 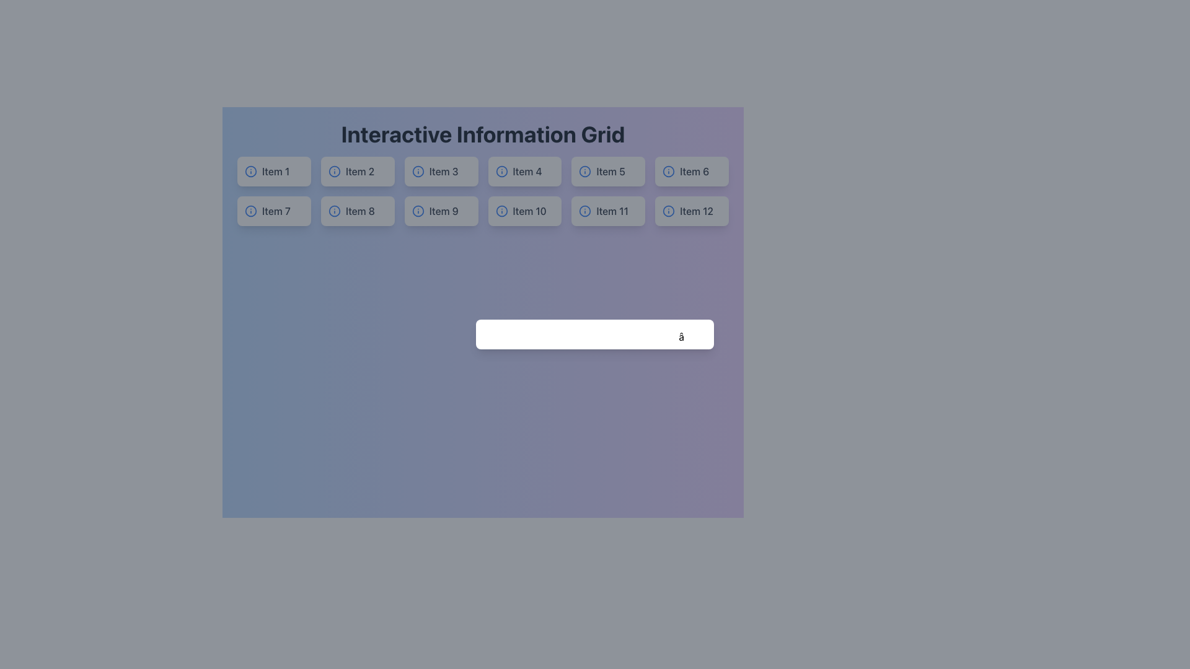 I want to click on the text label displaying 'Item 6', styled in gray color with medium boldness, located in the top right corner of the grid, to the immediate right of an informational icon, so click(x=694, y=172).